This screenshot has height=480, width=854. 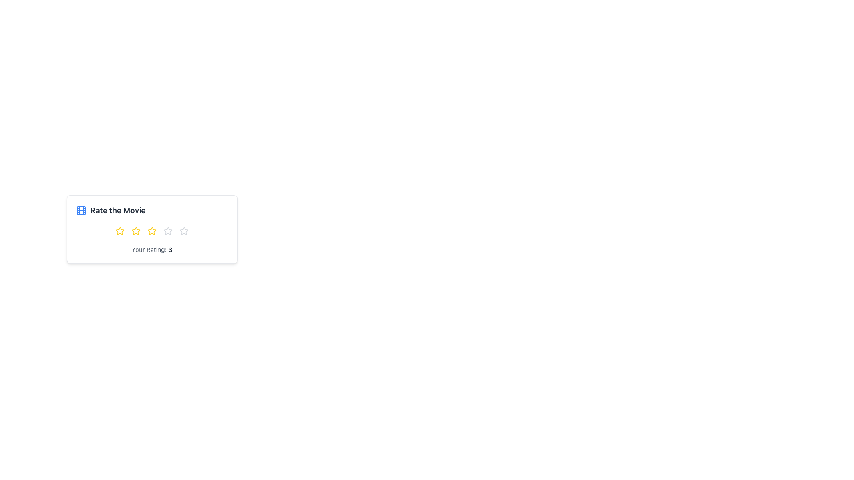 I want to click on the blue film reel icon outlined in white that is part of the 'Rate the Movie' section, located to the left of the text label, so click(x=81, y=211).